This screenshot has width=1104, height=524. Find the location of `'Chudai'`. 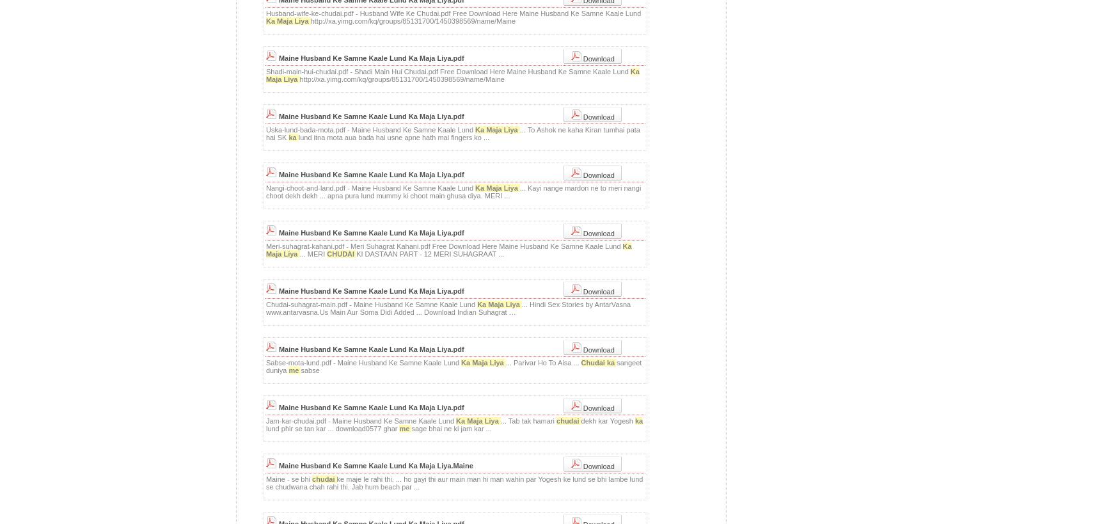

'Chudai' is located at coordinates (594, 362).